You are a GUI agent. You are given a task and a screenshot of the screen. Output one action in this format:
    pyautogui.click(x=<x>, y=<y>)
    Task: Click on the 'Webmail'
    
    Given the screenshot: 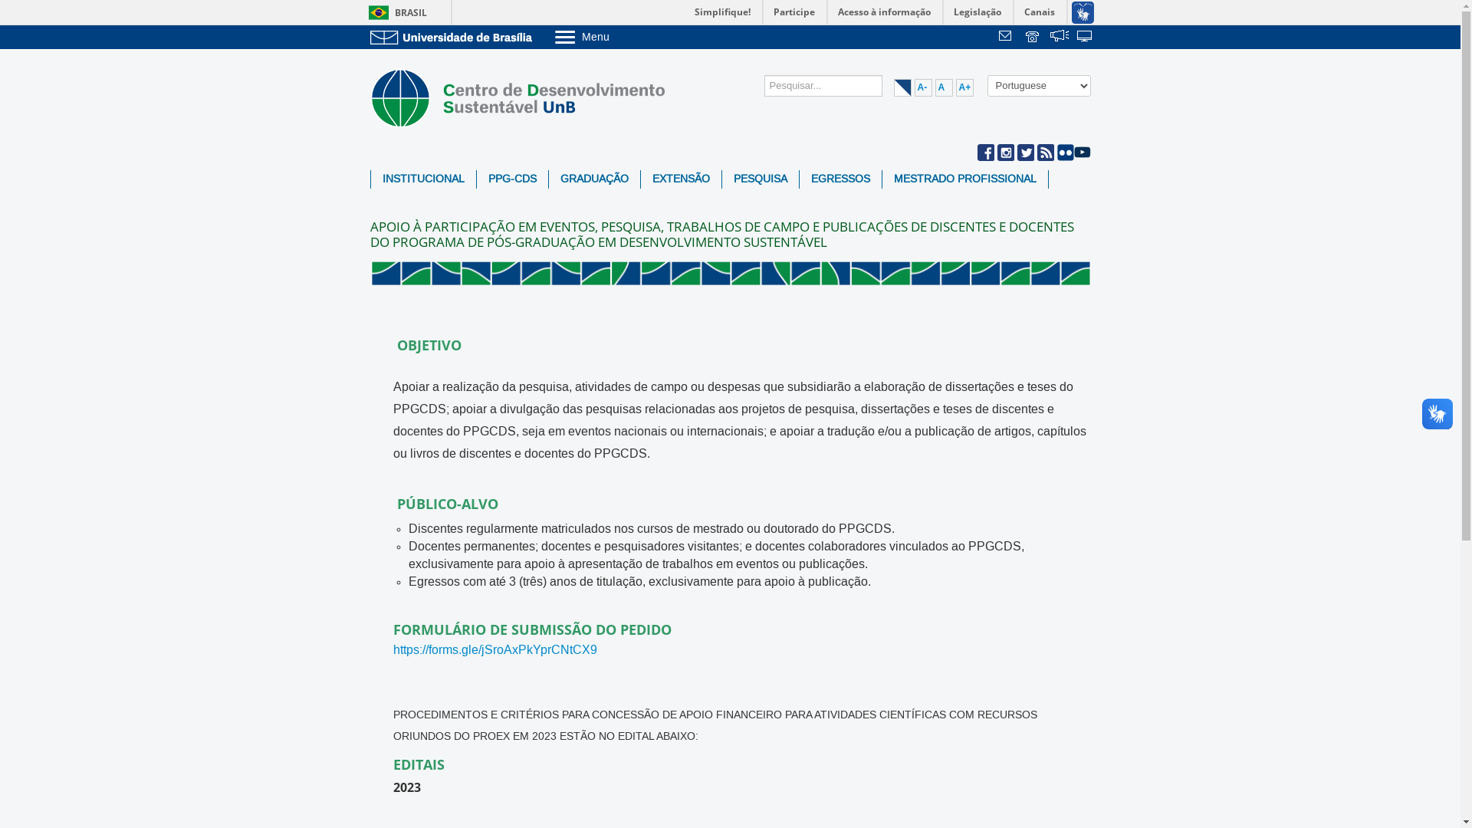 What is the action you would take?
    pyautogui.click(x=1007, y=37)
    